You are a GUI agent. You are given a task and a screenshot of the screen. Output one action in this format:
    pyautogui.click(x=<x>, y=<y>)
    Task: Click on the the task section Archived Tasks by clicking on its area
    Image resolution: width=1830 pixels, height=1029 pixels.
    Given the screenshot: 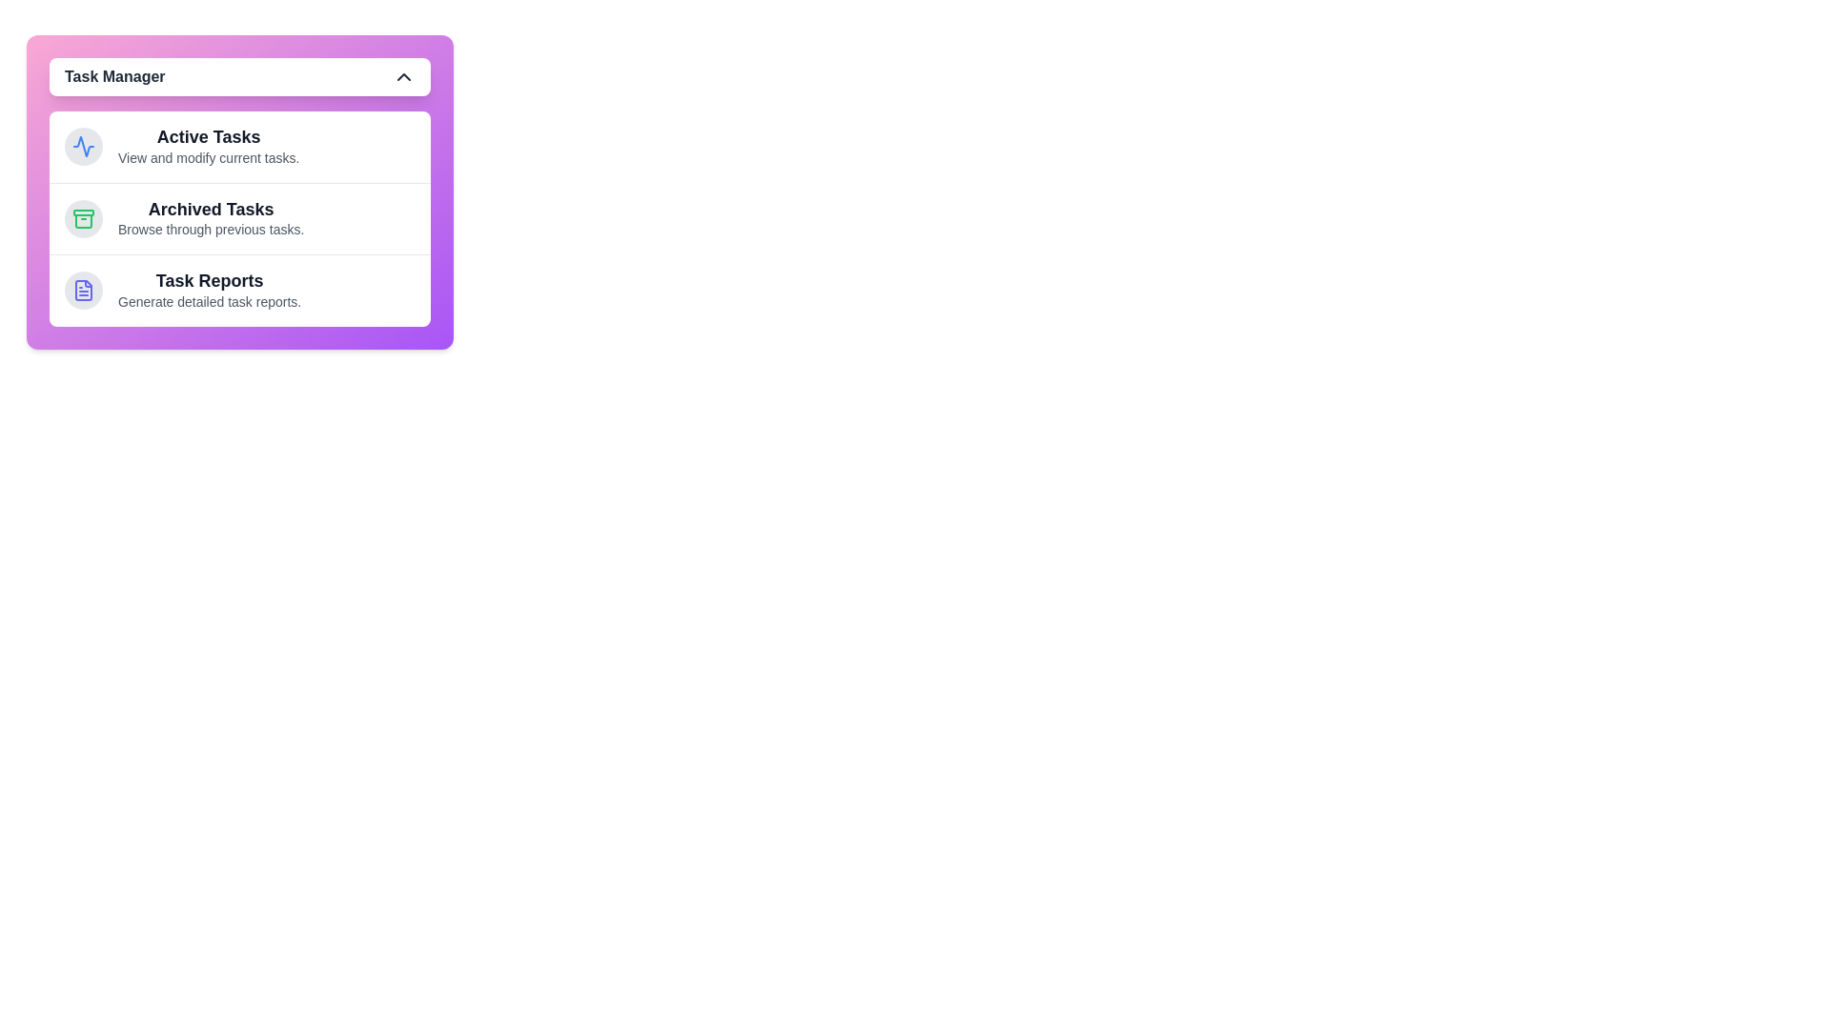 What is the action you would take?
    pyautogui.click(x=239, y=217)
    